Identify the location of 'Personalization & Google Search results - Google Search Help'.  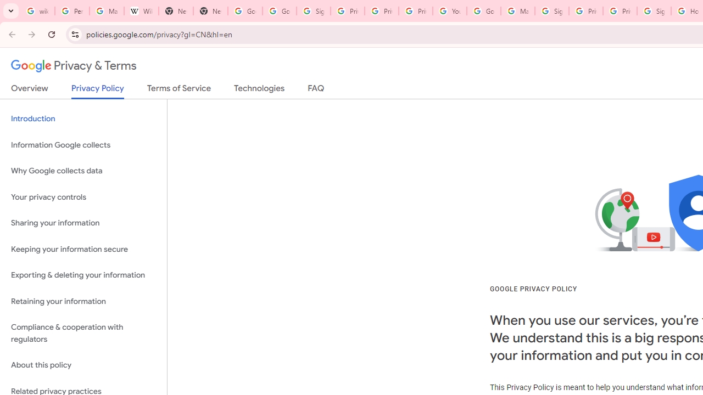
(71, 11).